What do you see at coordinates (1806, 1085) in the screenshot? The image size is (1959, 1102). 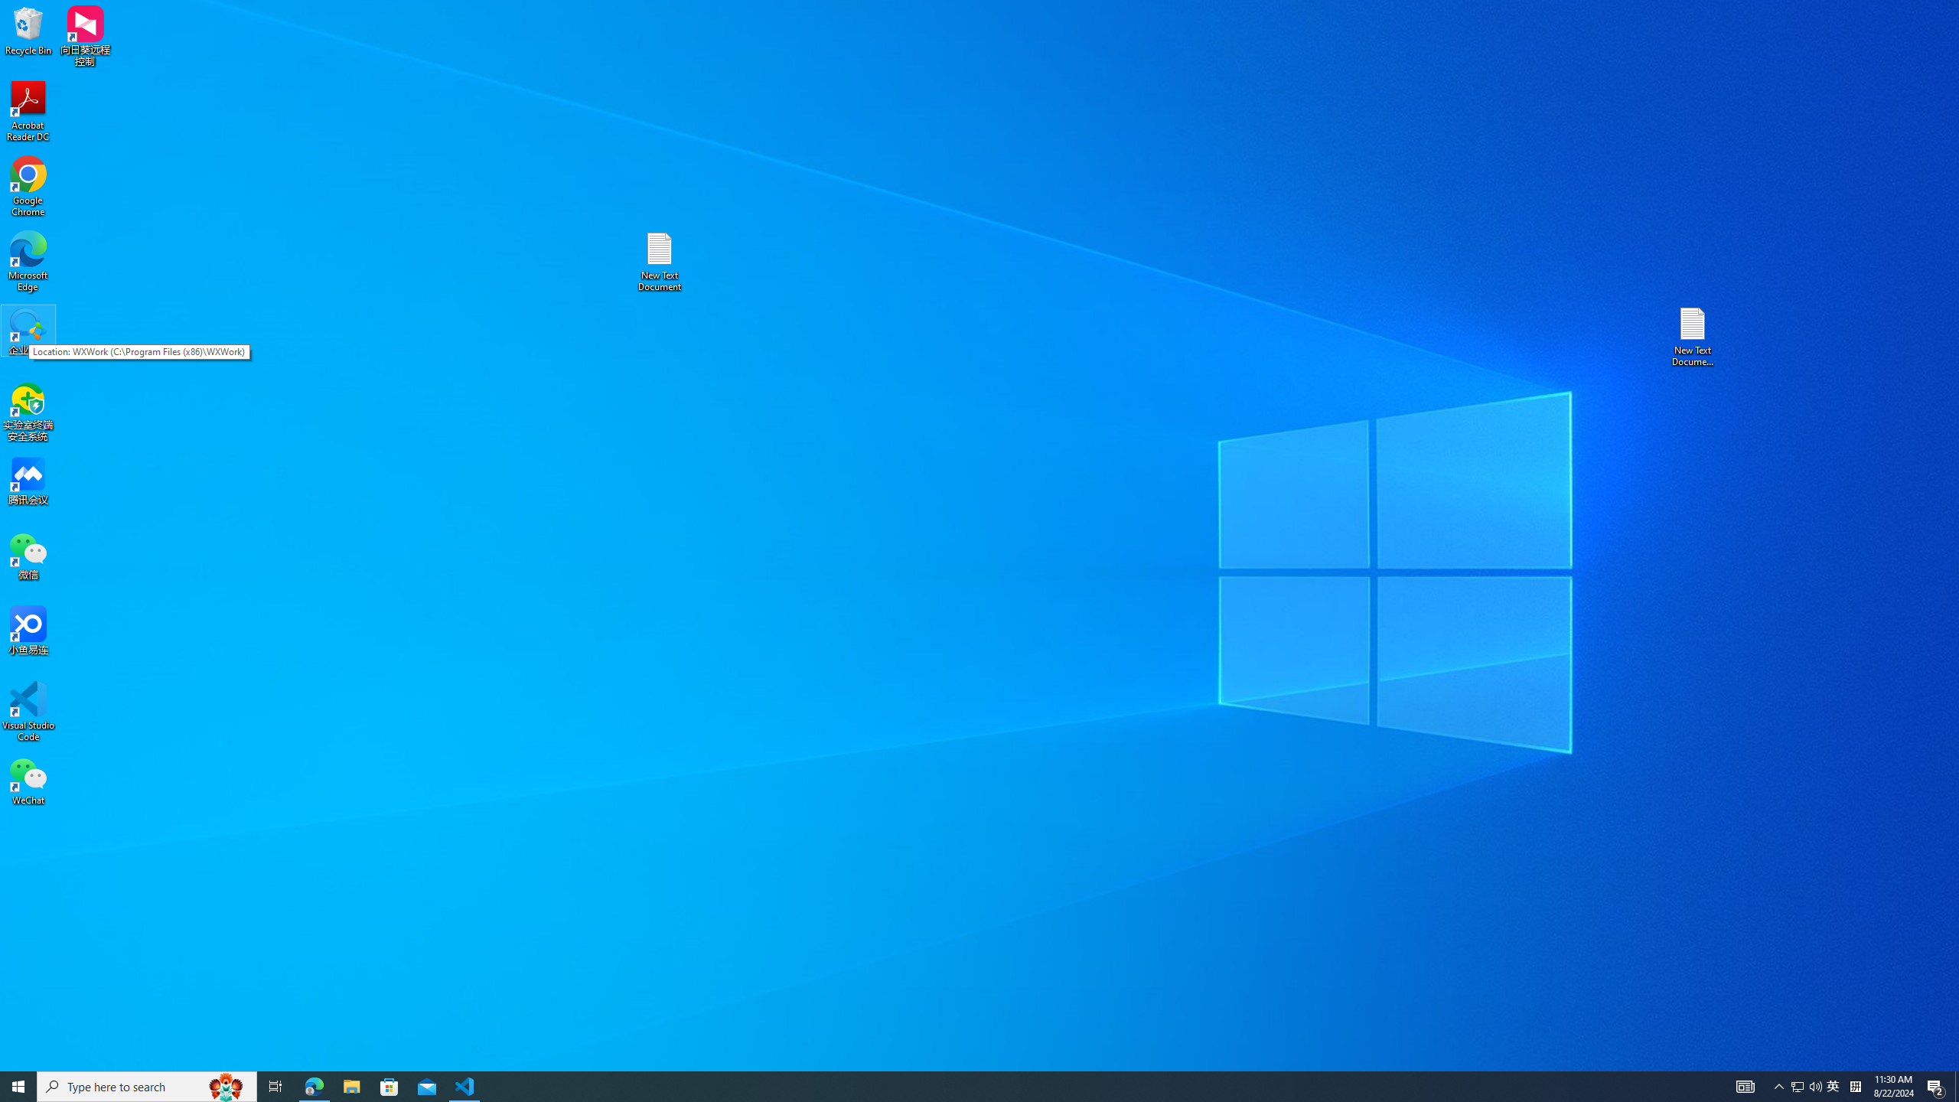 I see `'User Promoted Notification Area'` at bounding box center [1806, 1085].